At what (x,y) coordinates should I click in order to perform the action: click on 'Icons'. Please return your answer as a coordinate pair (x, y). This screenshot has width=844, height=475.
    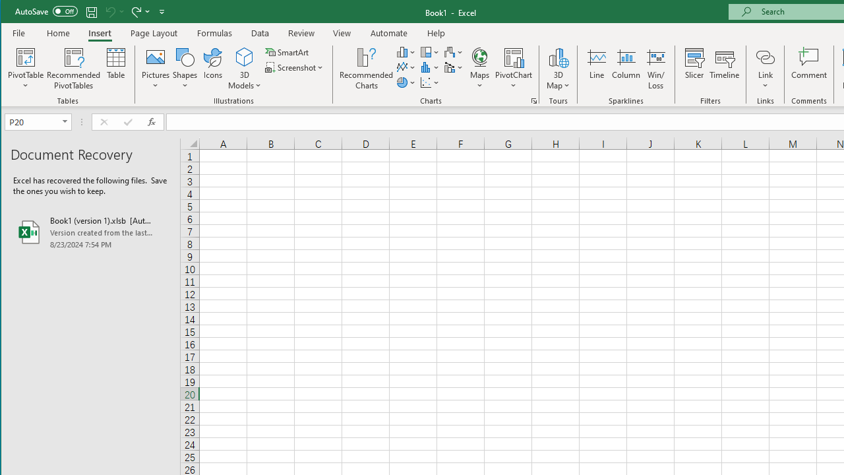
    Looking at the image, I should click on (213, 69).